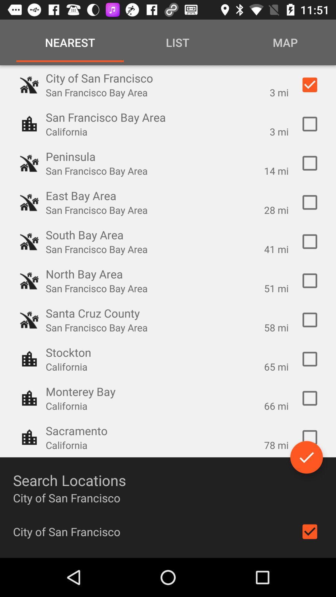 The height and width of the screenshot is (597, 336). What do you see at coordinates (310, 359) in the screenshot?
I see `check stockton box` at bounding box center [310, 359].